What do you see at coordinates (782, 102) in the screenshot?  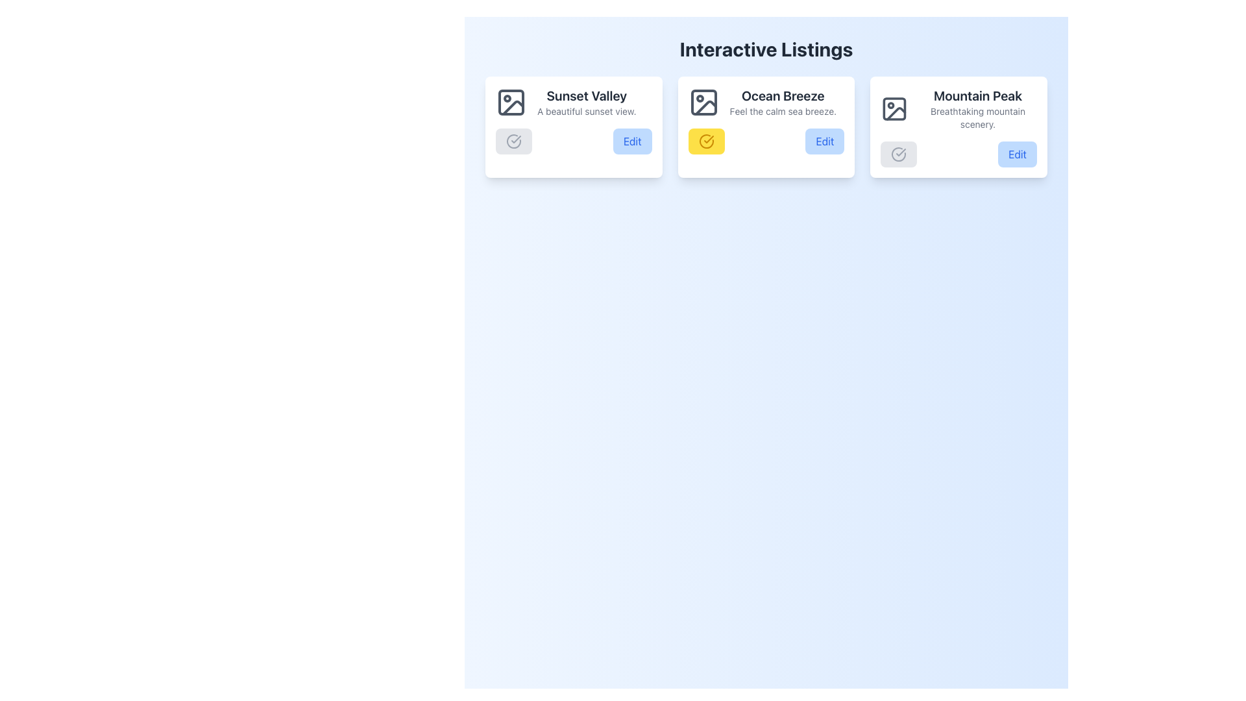 I see `the 'Ocean Breeze' text element which is a title and subtitle arranged vertically within the second card of a three-card layout` at bounding box center [782, 102].